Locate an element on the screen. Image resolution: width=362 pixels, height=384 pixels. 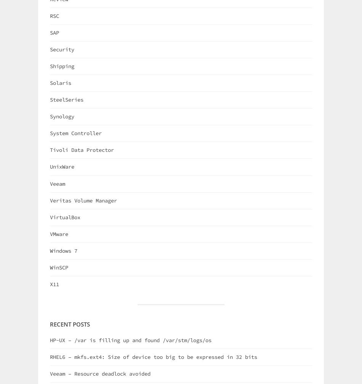
'Security' is located at coordinates (50, 48).